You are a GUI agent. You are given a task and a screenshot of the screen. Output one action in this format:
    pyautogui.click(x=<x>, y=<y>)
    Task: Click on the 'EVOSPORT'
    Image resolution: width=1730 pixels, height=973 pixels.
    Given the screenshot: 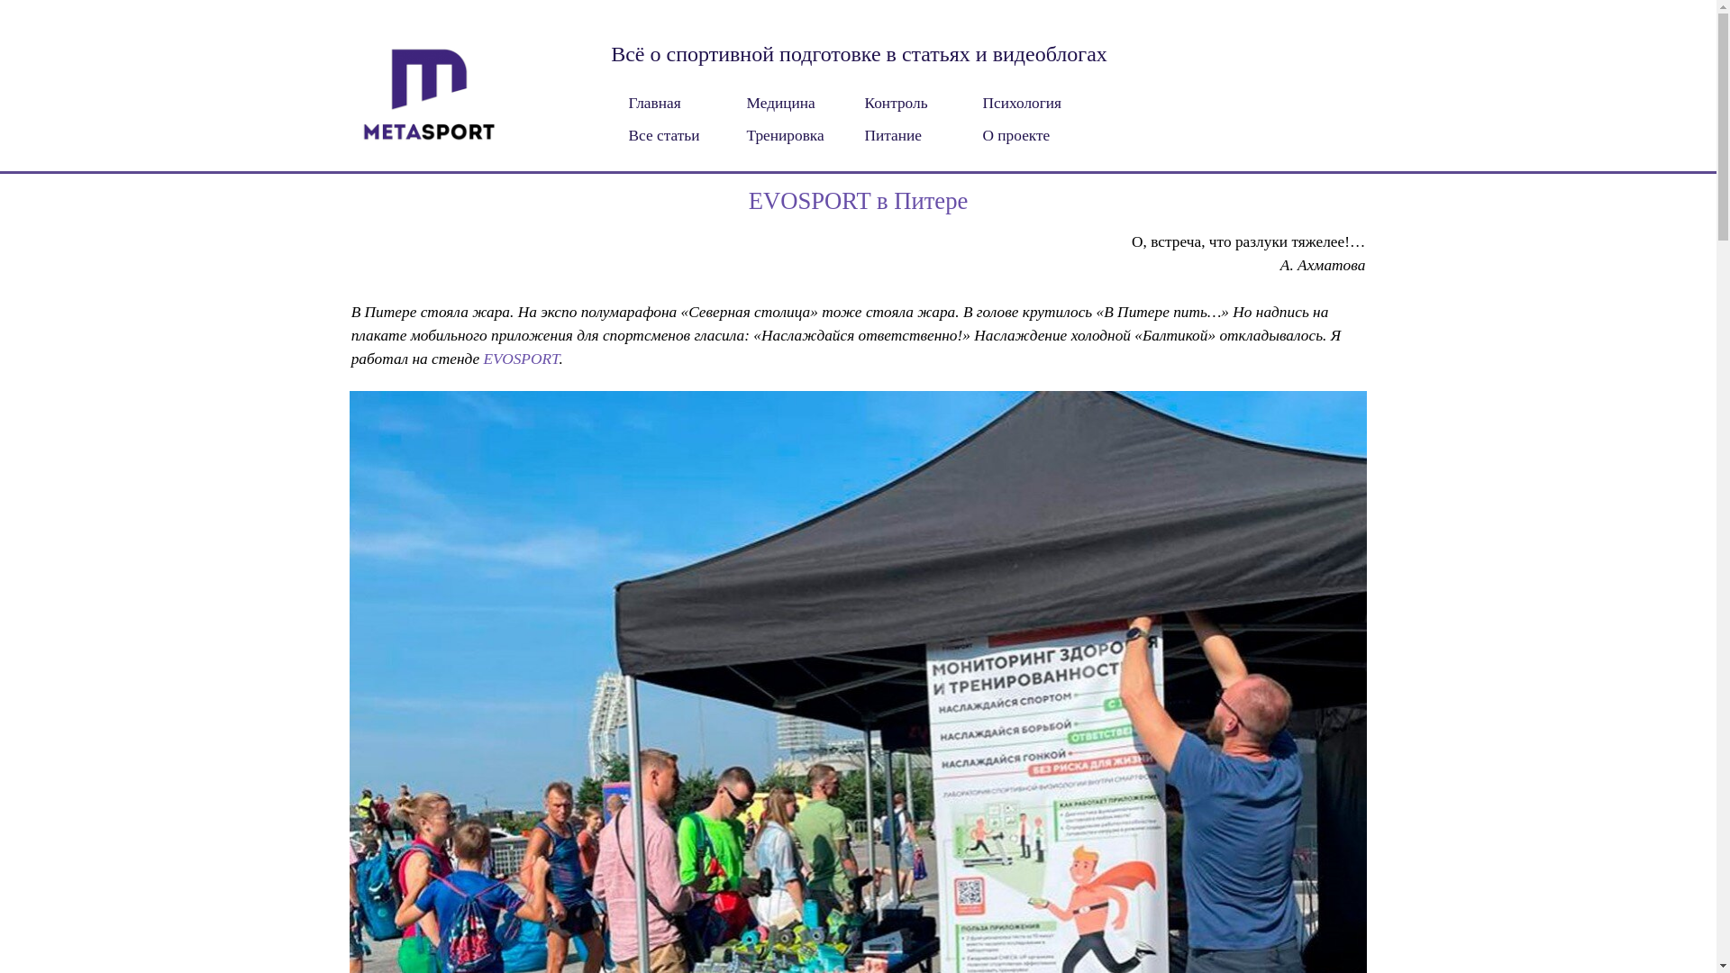 What is the action you would take?
    pyautogui.click(x=484, y=359)
    